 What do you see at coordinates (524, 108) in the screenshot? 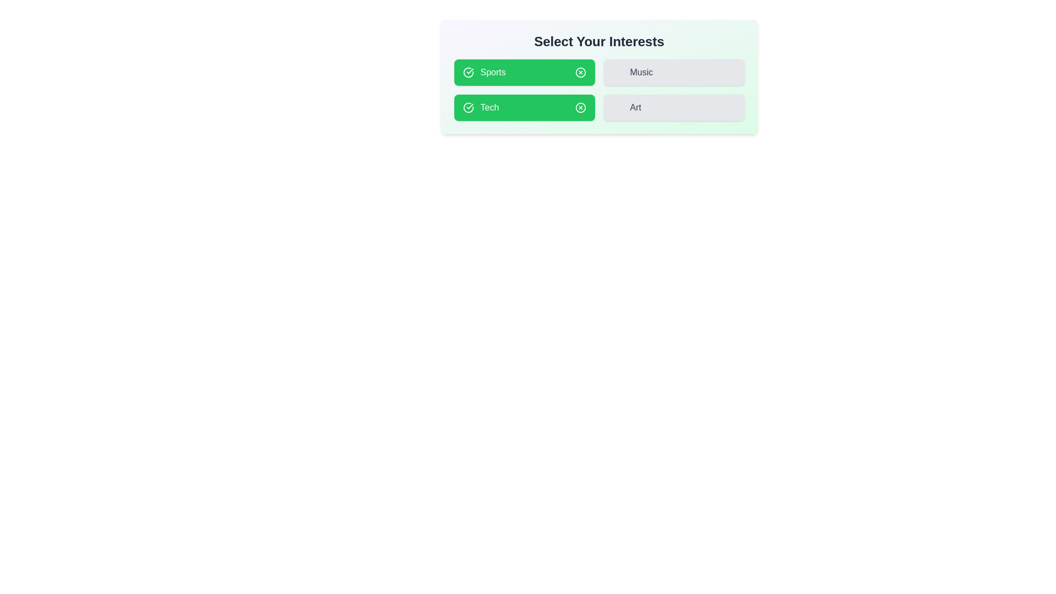
I see `the button corresponding to the interest Tech to toggle its selection state` at bounding box center [524, 108].